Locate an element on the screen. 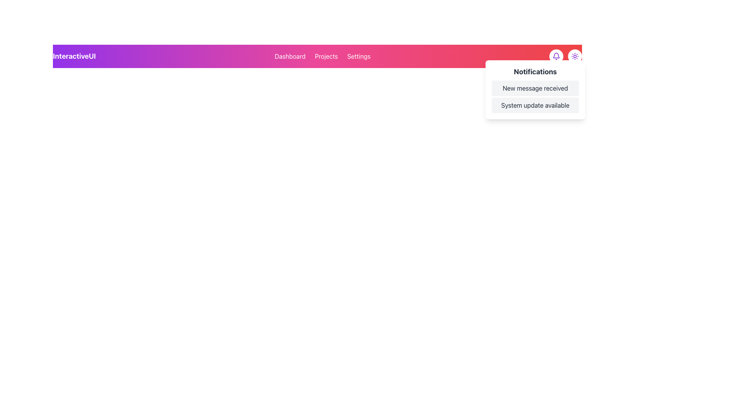 The image size is (747, 420). the 'New message received' text block, which is the first item is located at coordinates (535, 88).